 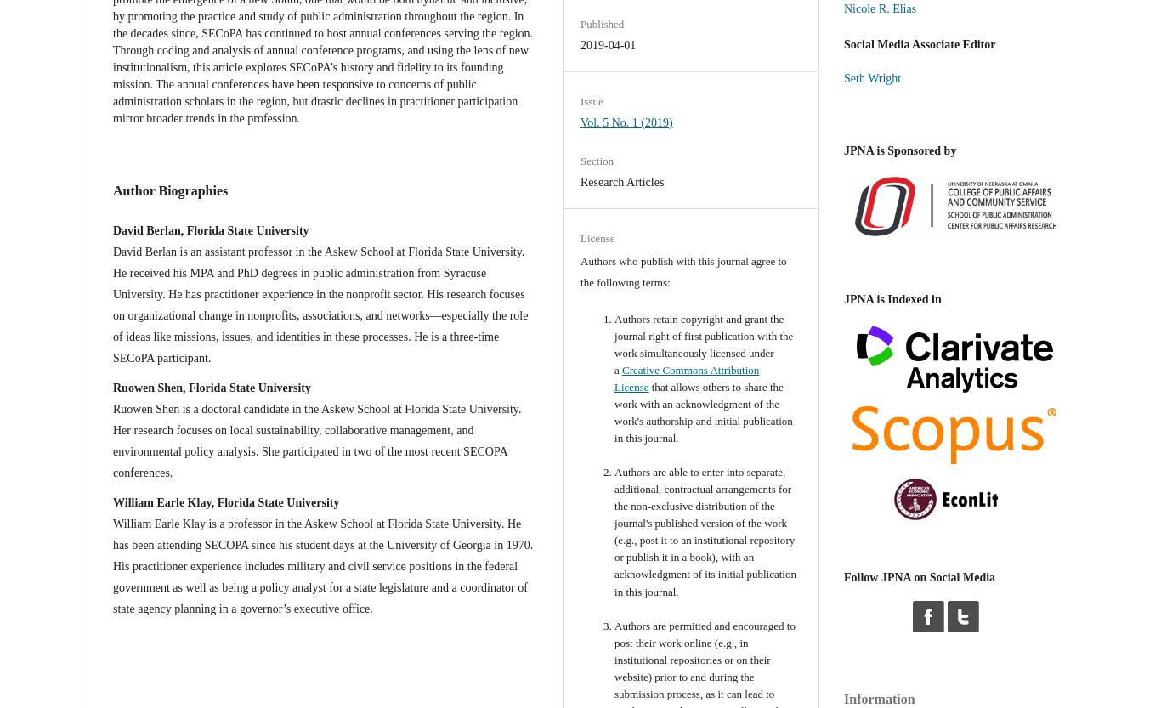 What do you see at coordinates (169, 189) in the screenshot?
I see `'Author Biographies'` at bounding box center [169, 189].